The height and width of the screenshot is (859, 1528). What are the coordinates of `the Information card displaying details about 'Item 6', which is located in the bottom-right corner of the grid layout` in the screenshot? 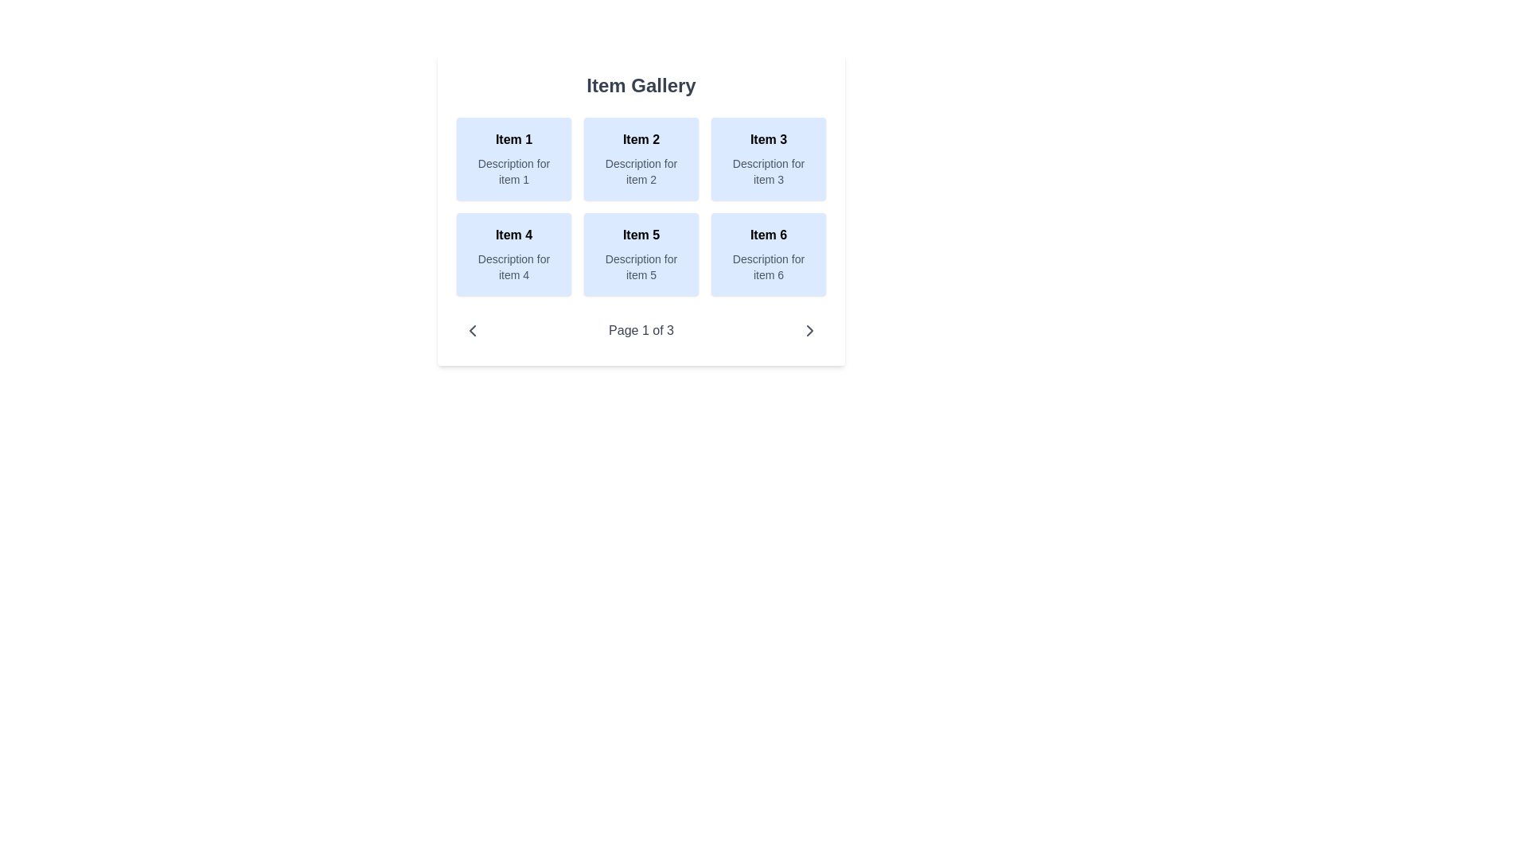 It's located at (768, 254).